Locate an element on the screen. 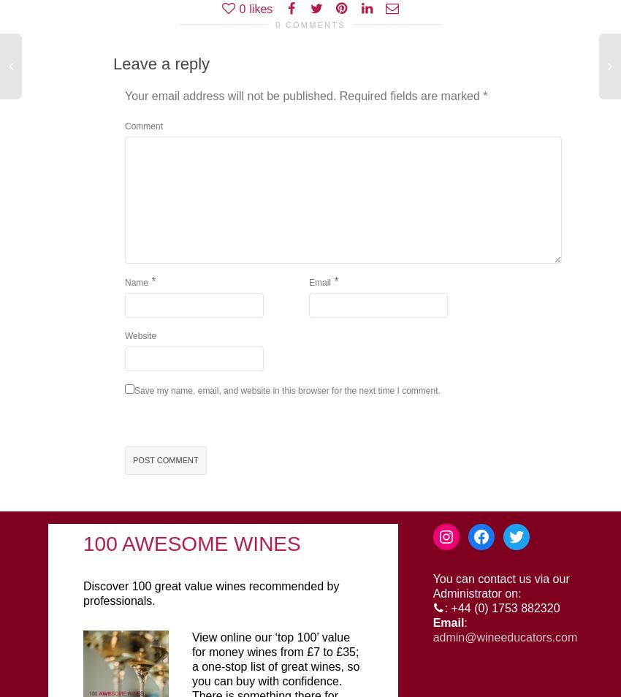 The height and width of the screenshot is (697, 621). '0' is located at coordinates (238, 8).